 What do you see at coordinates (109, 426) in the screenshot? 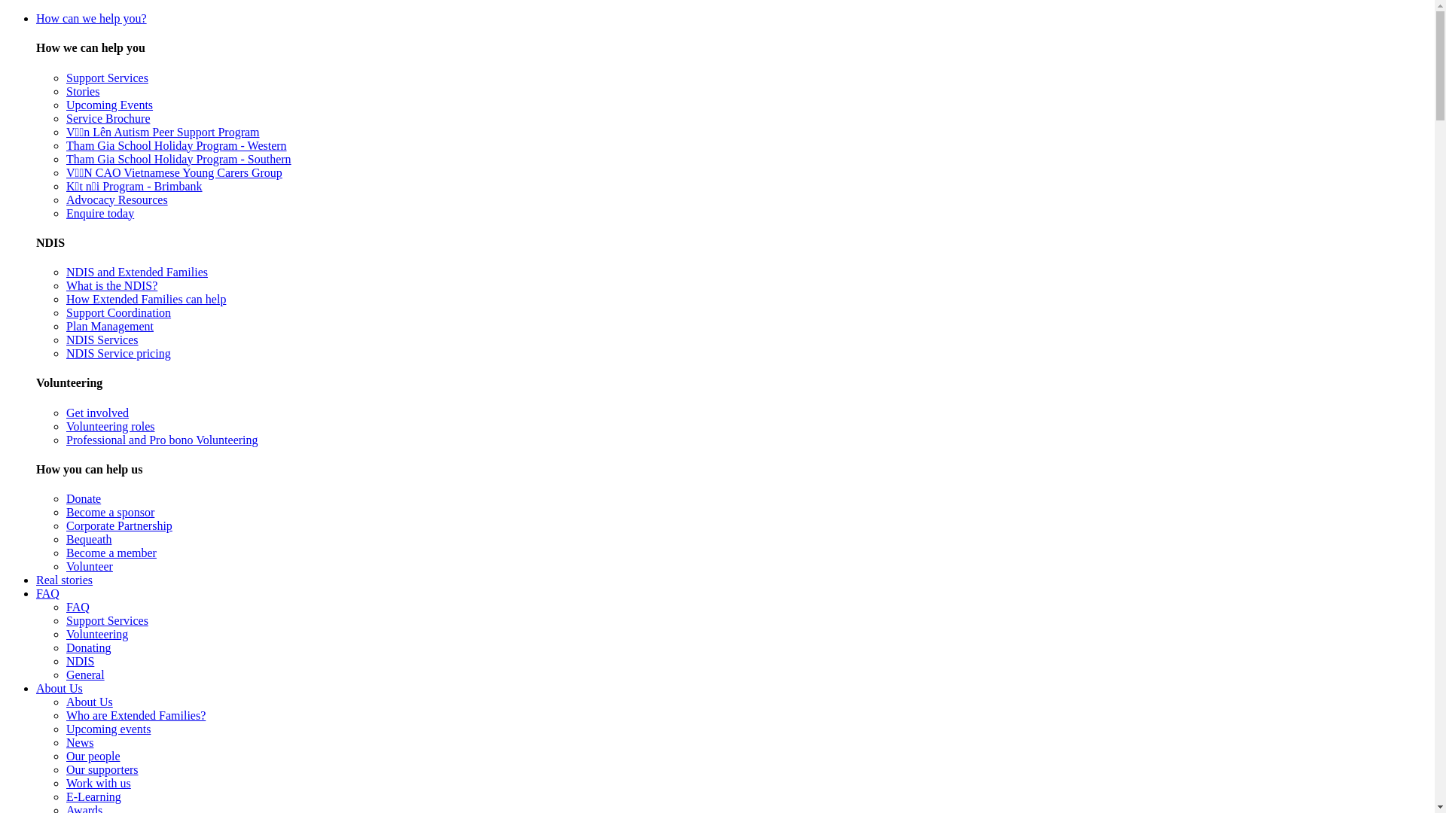
I see `'Volunteering roles'` at bounding box center [109, 426].